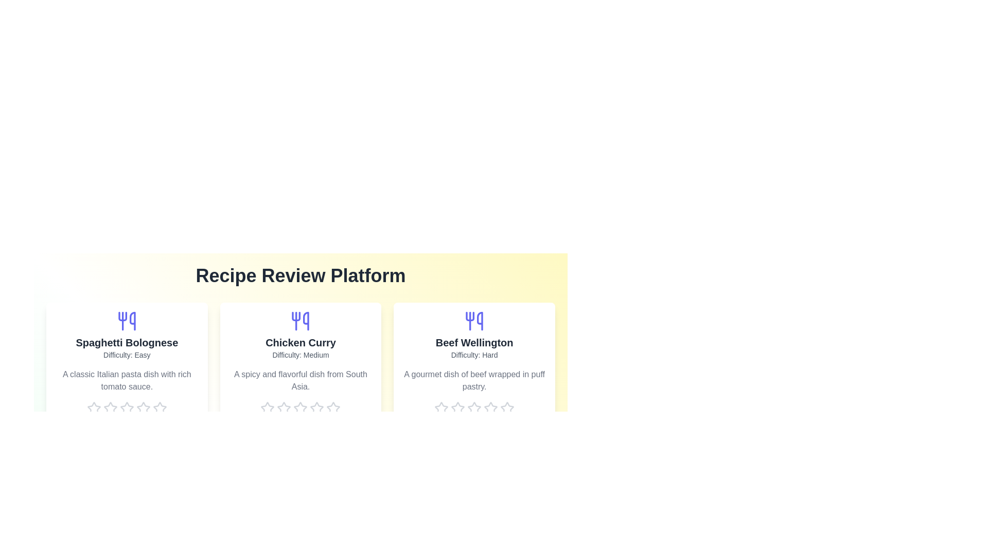 The image size is (988, 555). Describe the element at coordinates (300, 371) in the screenshot. I see `the recipe card for Chicken Curry` at that location.